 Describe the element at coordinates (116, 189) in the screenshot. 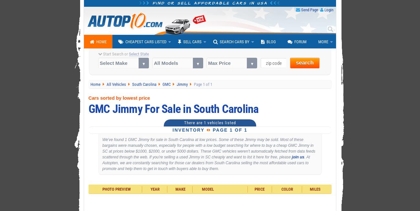

I see `'Photo Preview'` at that location.